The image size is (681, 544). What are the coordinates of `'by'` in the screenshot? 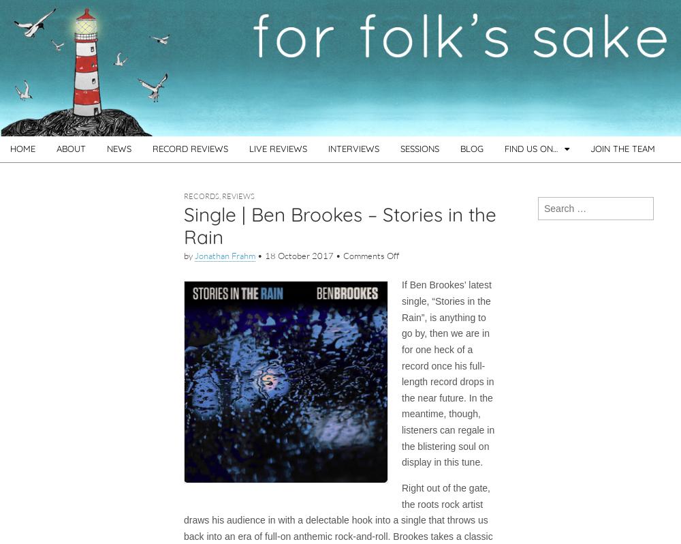 It's located at (189, 255).